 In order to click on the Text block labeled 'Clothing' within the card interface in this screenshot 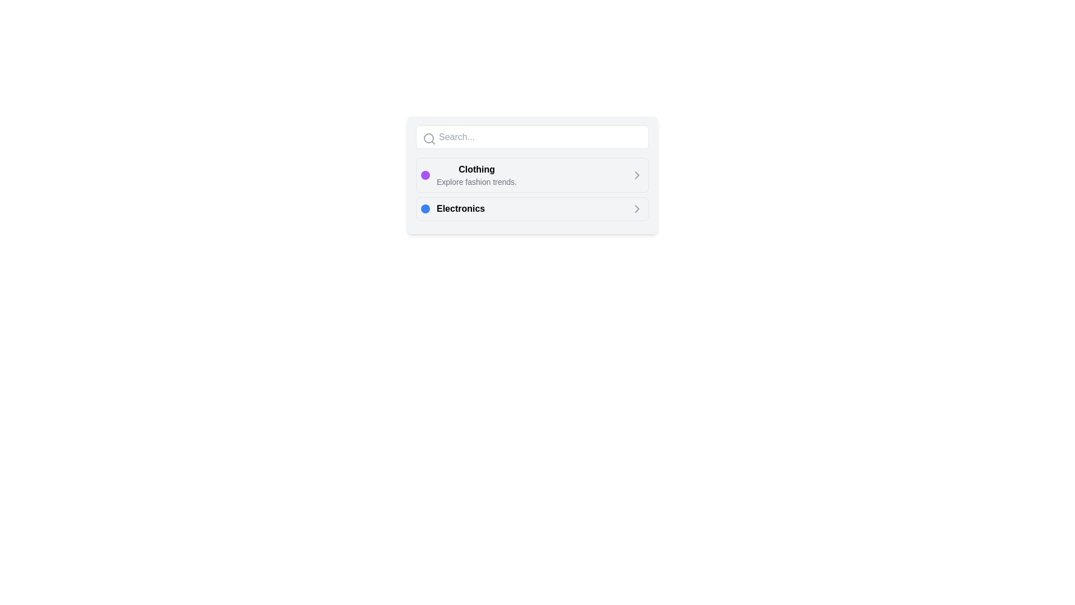, I will do `click(476, 175)`.